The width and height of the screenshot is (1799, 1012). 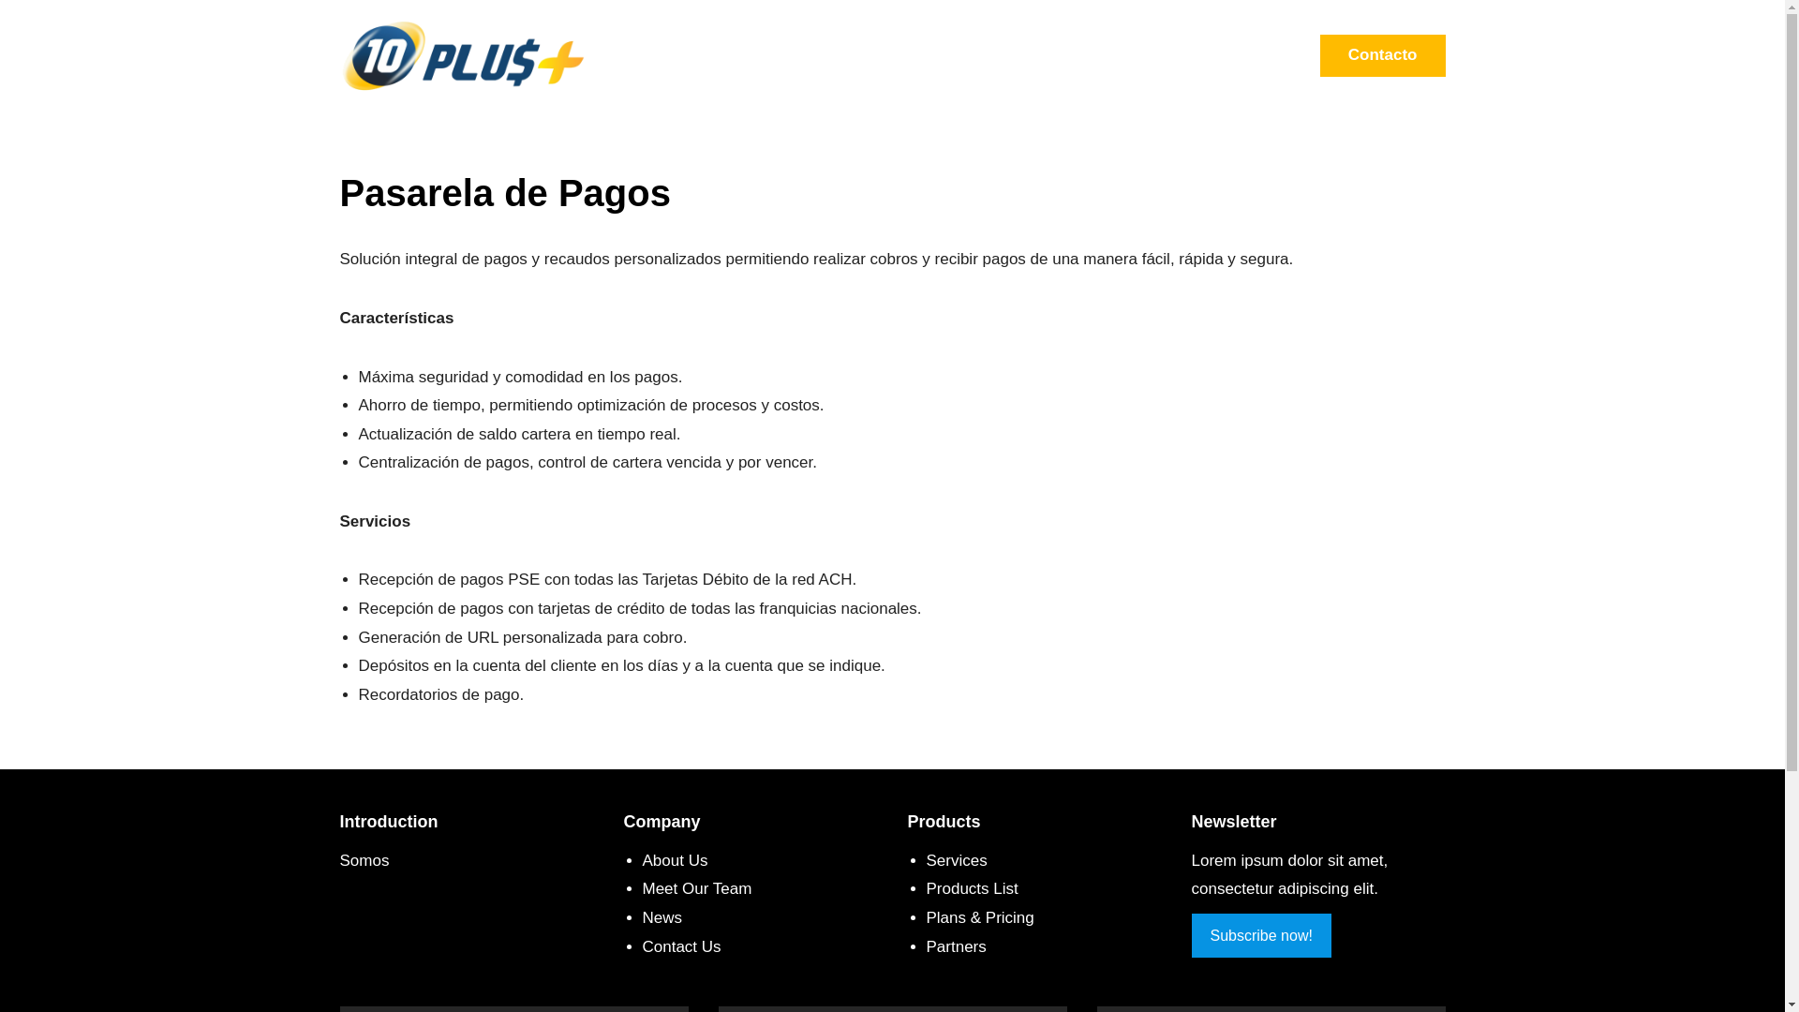 What do you see at coordinates (643, 887) in the screenshot?
I see `'Meet Our Team'` at bounding box center [643, 887].